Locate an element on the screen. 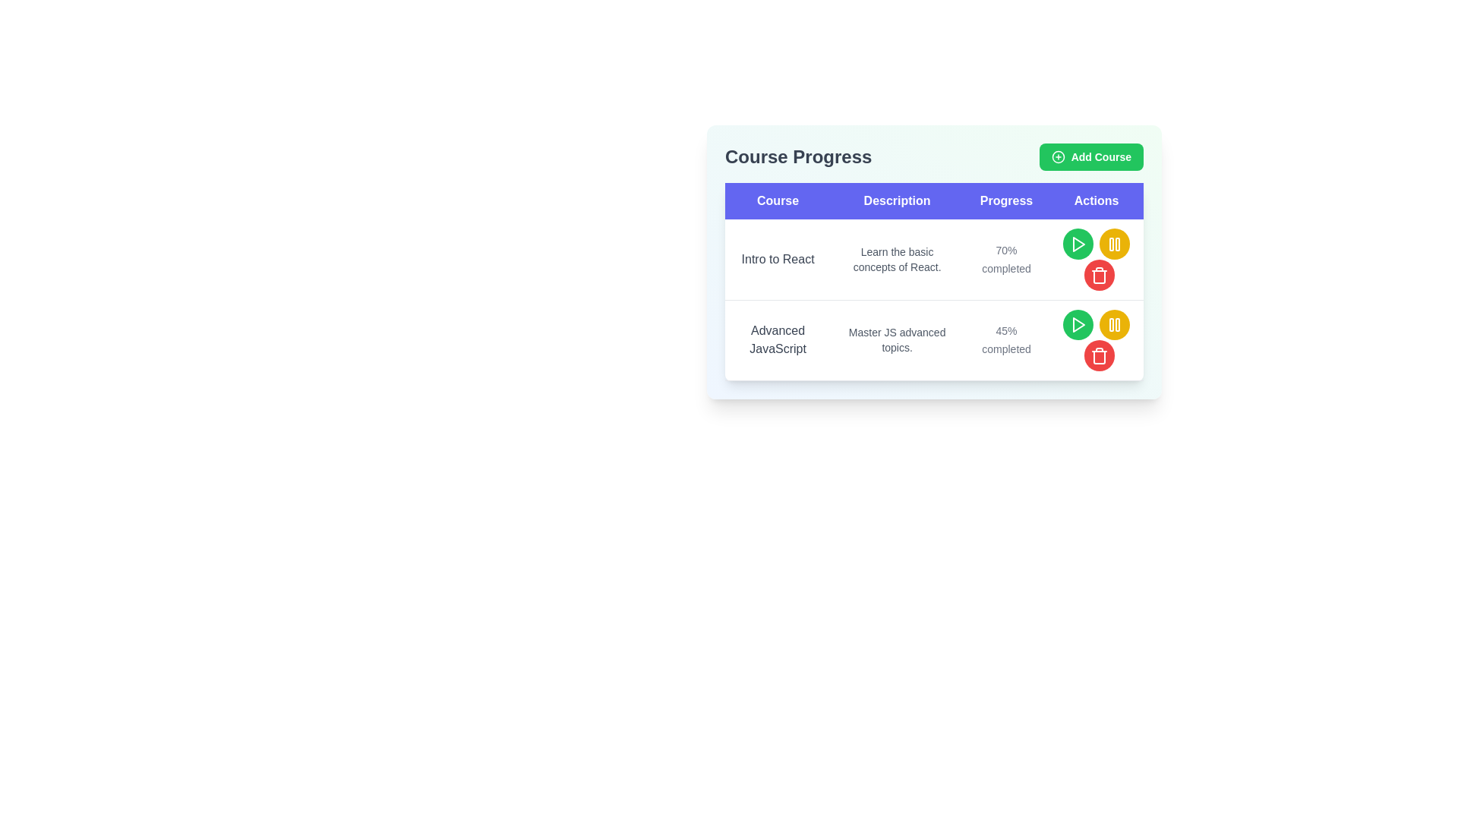 The width and height of the screenshot is (1458, 820). the left rectangle of the pause icon, which is part of a table interface in the second row is located at coordinates (1112, 243).